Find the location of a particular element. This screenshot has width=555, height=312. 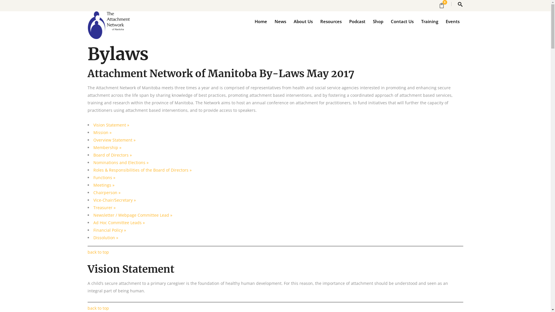

'Contact Us' is located at coordinates (402, 21).